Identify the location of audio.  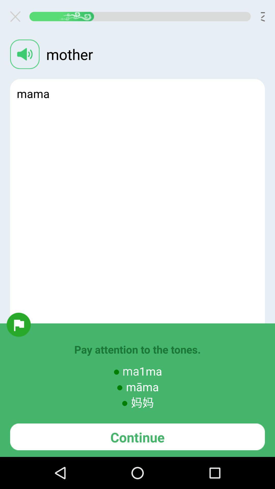
(25, 54).